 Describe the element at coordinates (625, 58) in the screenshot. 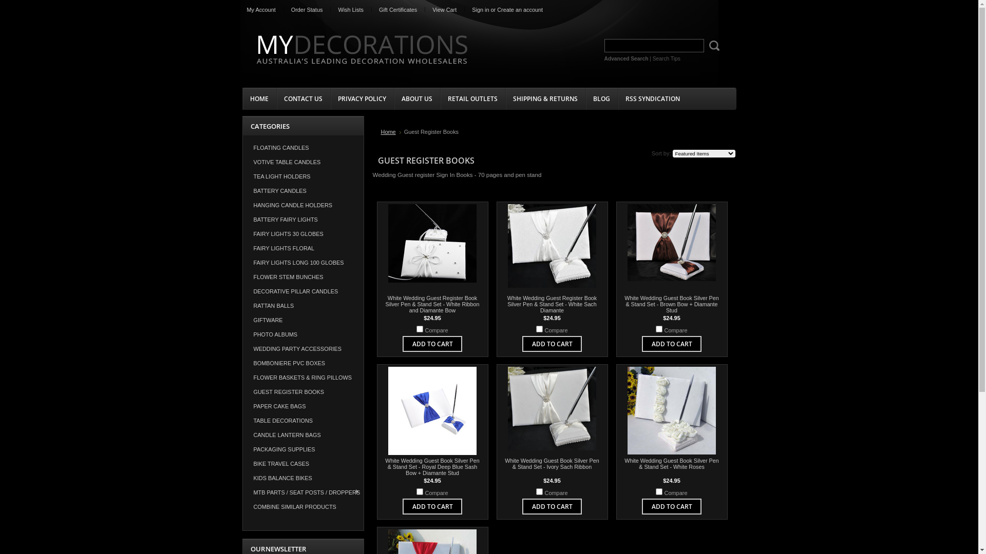

I see `'Advanced Search'` at that location.